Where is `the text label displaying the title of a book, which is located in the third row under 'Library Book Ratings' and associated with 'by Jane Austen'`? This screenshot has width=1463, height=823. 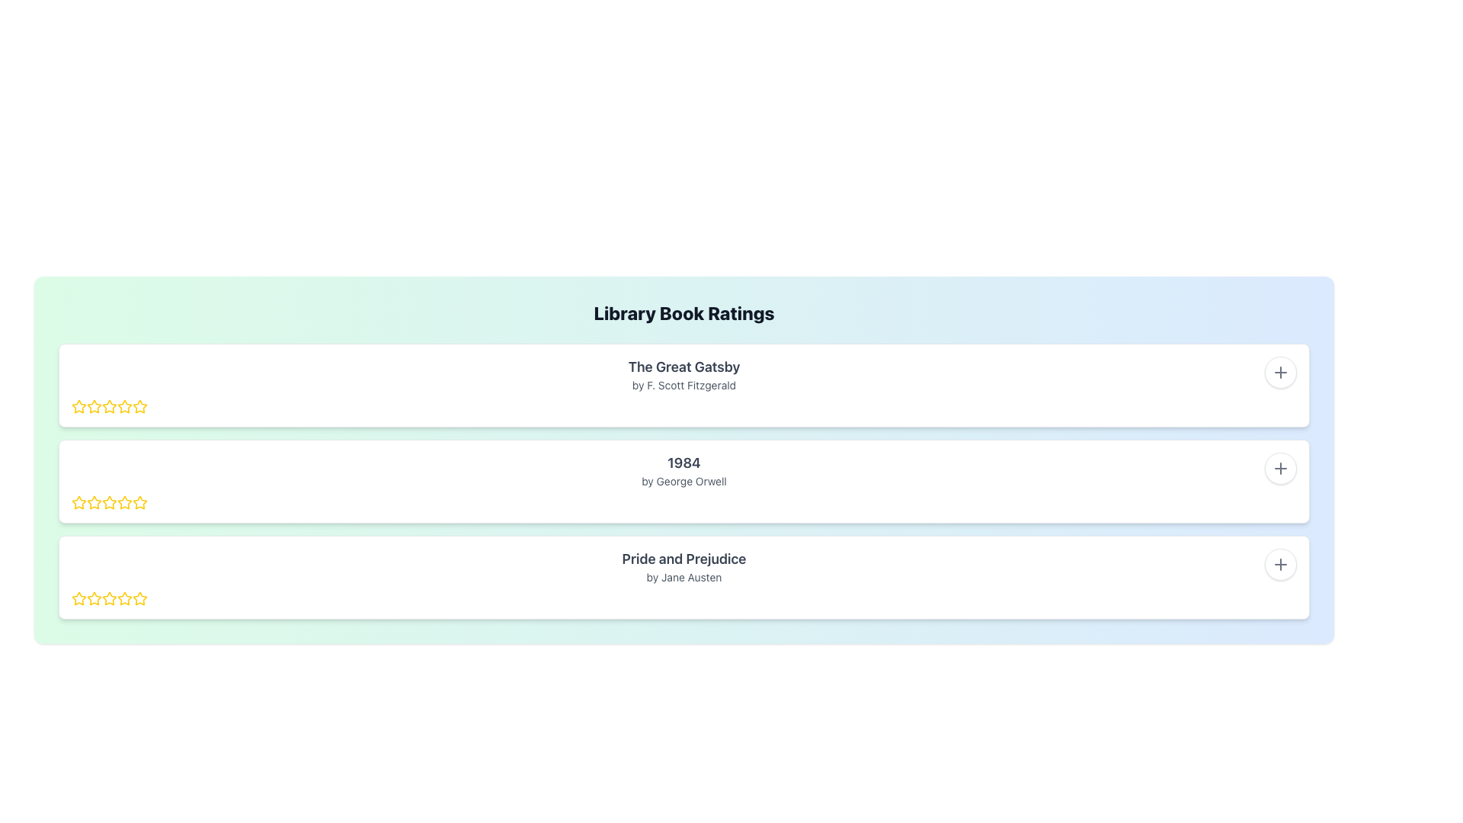 the text label displaying the title of a book, which is located in the third row under 'Library Book Ratings' and associated with 'by Jane Austen' is located at coordinates (683, 559).